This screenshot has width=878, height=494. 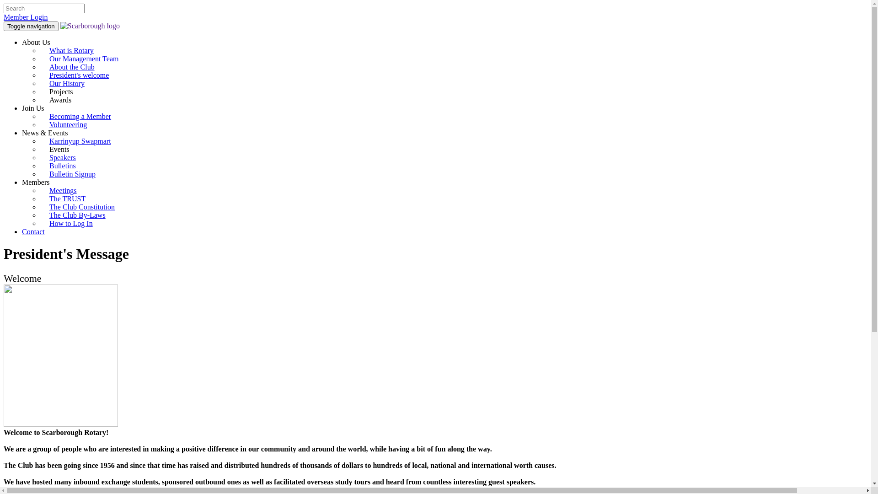 I want to click on 'Contact', so click(x=33, y=231).